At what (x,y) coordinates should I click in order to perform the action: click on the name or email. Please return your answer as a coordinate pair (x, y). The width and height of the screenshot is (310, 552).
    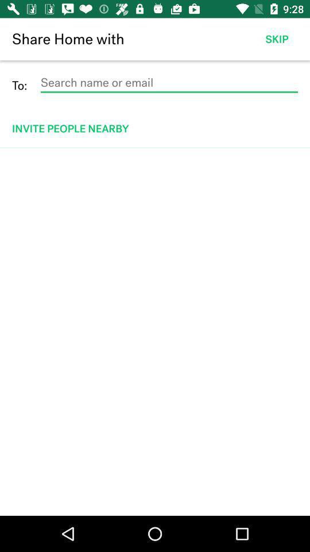
    Looking at the image, I should click on (168, 82).